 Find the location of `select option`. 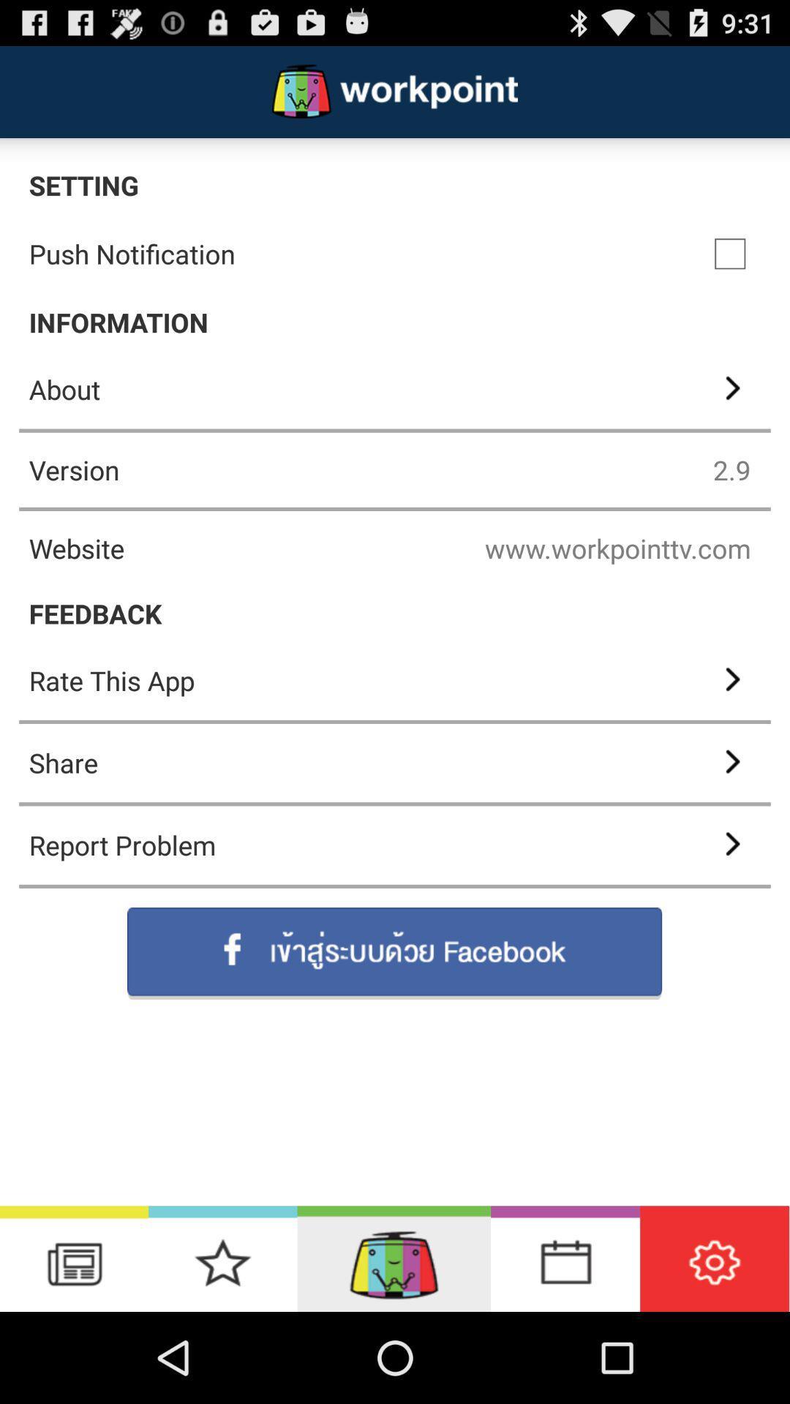

select option is located at coordinates (730, 254).